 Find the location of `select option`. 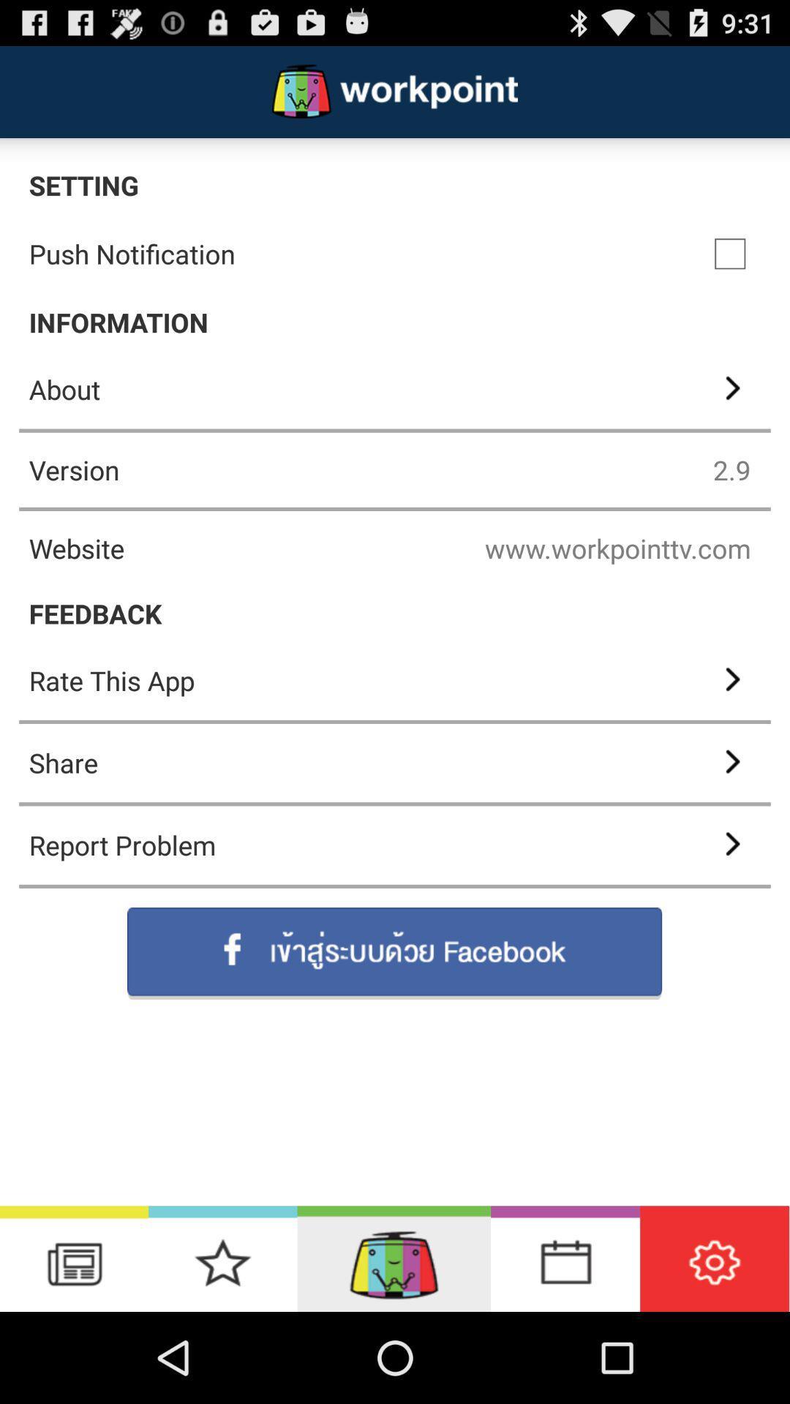

select option is located at coordinates (730, 254).